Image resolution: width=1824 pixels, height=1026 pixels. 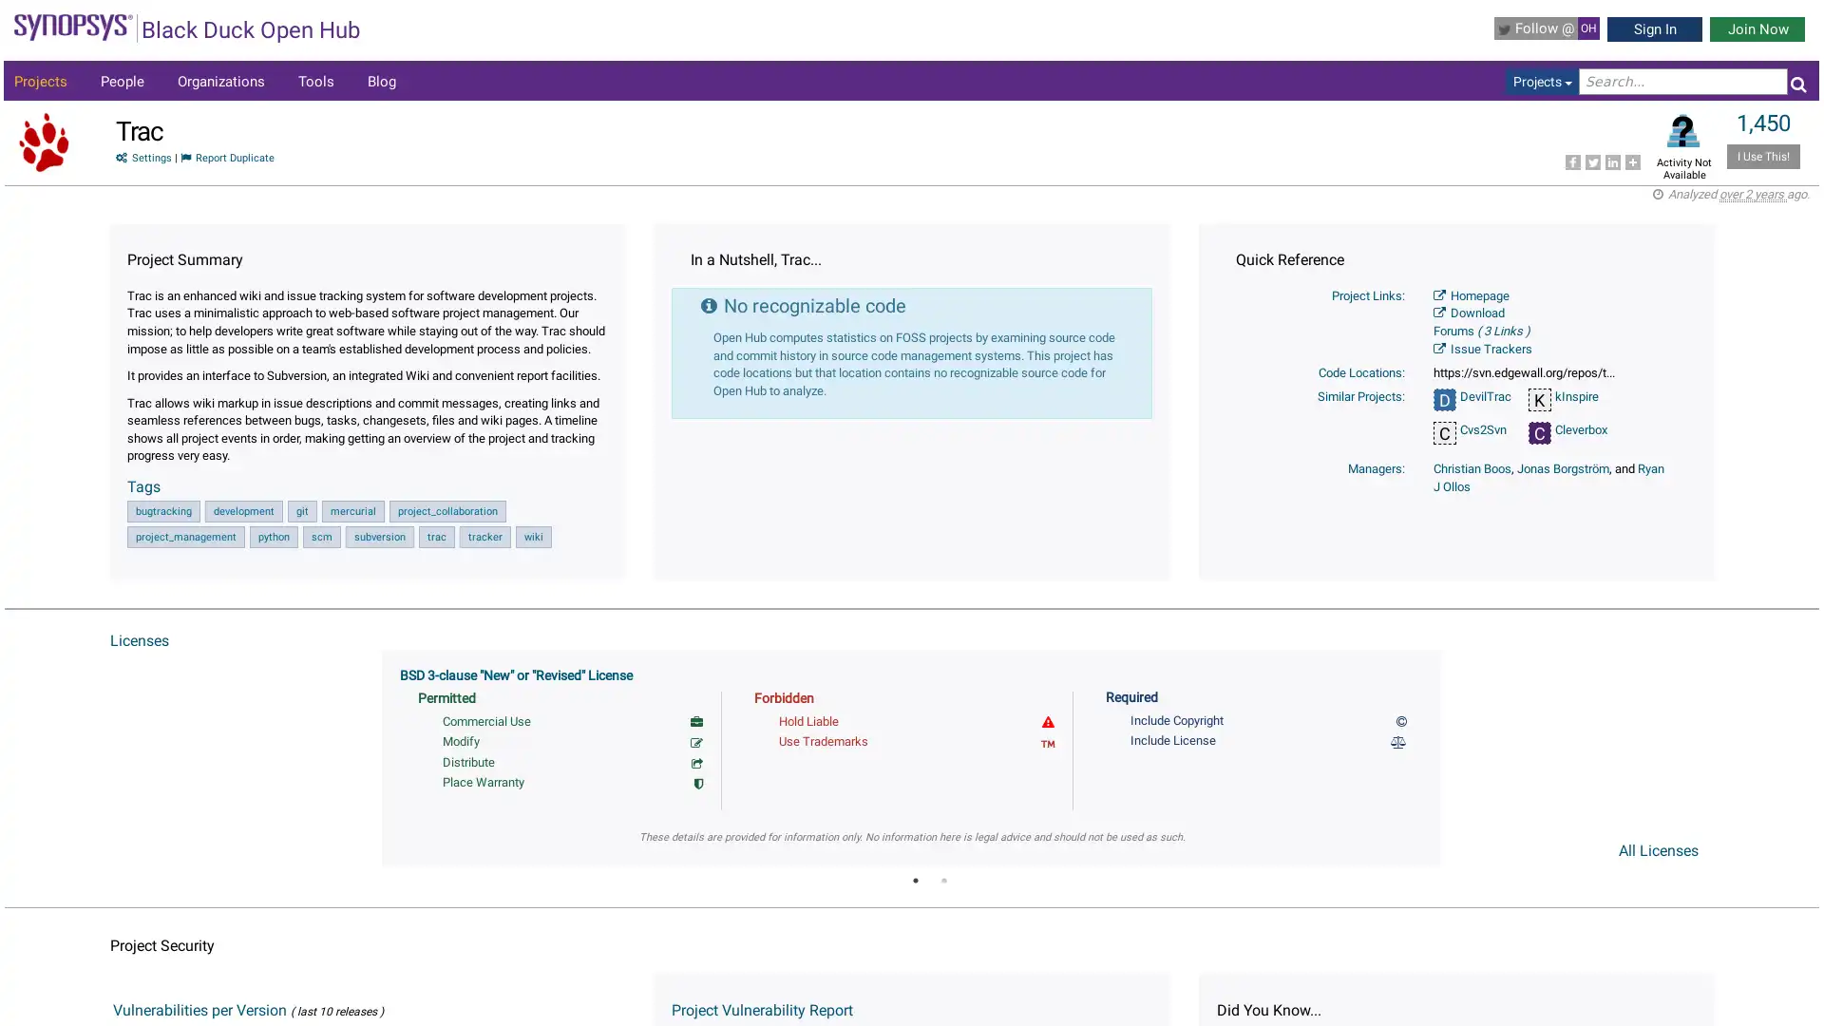 I want to click on 1, so click(x=915, y=879).